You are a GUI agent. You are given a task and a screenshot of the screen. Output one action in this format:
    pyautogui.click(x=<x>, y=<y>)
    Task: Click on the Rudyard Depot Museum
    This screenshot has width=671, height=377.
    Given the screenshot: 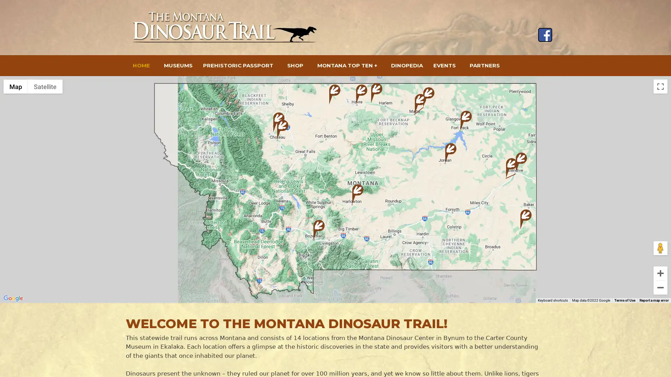 What is the action you would take?
    pyautogui.click(x=334, y=94)
    